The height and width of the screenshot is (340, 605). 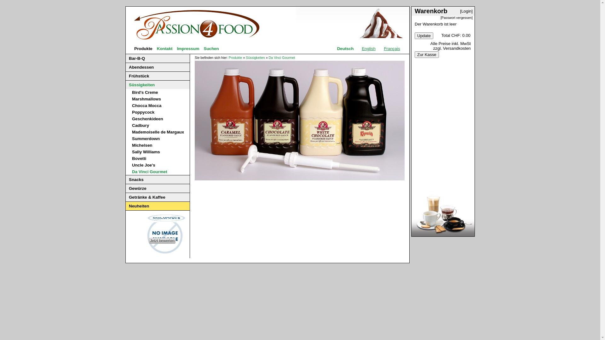 What do you see at coordinates (467, 10) in the screenshot?
I see `'[Login]'` at bounding box center [467, 10].